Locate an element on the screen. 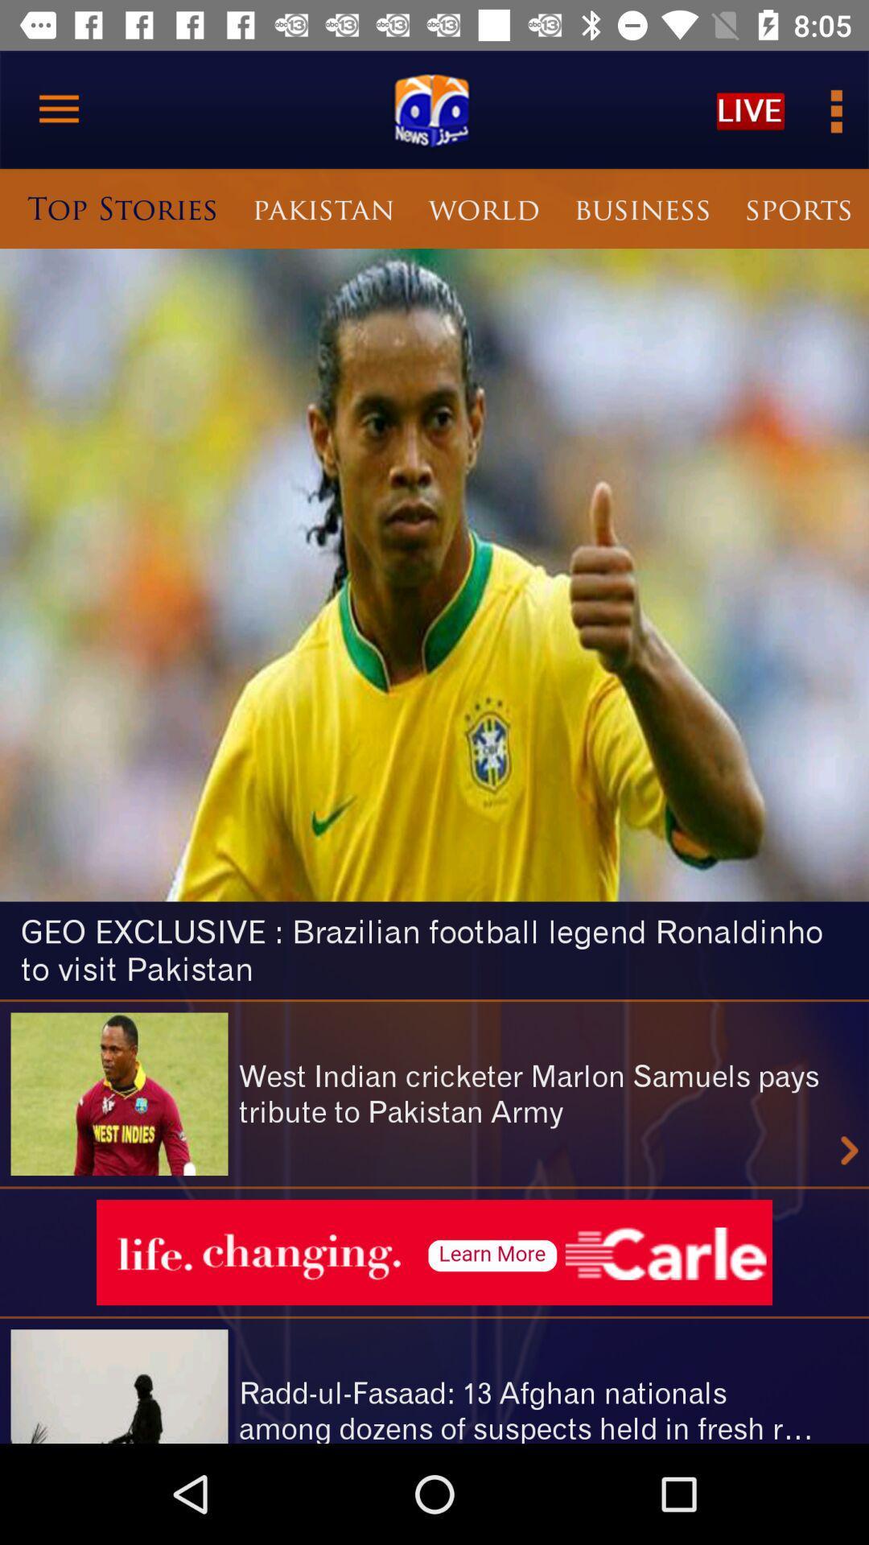  see advertisement is located at coordinates (434, 1251).